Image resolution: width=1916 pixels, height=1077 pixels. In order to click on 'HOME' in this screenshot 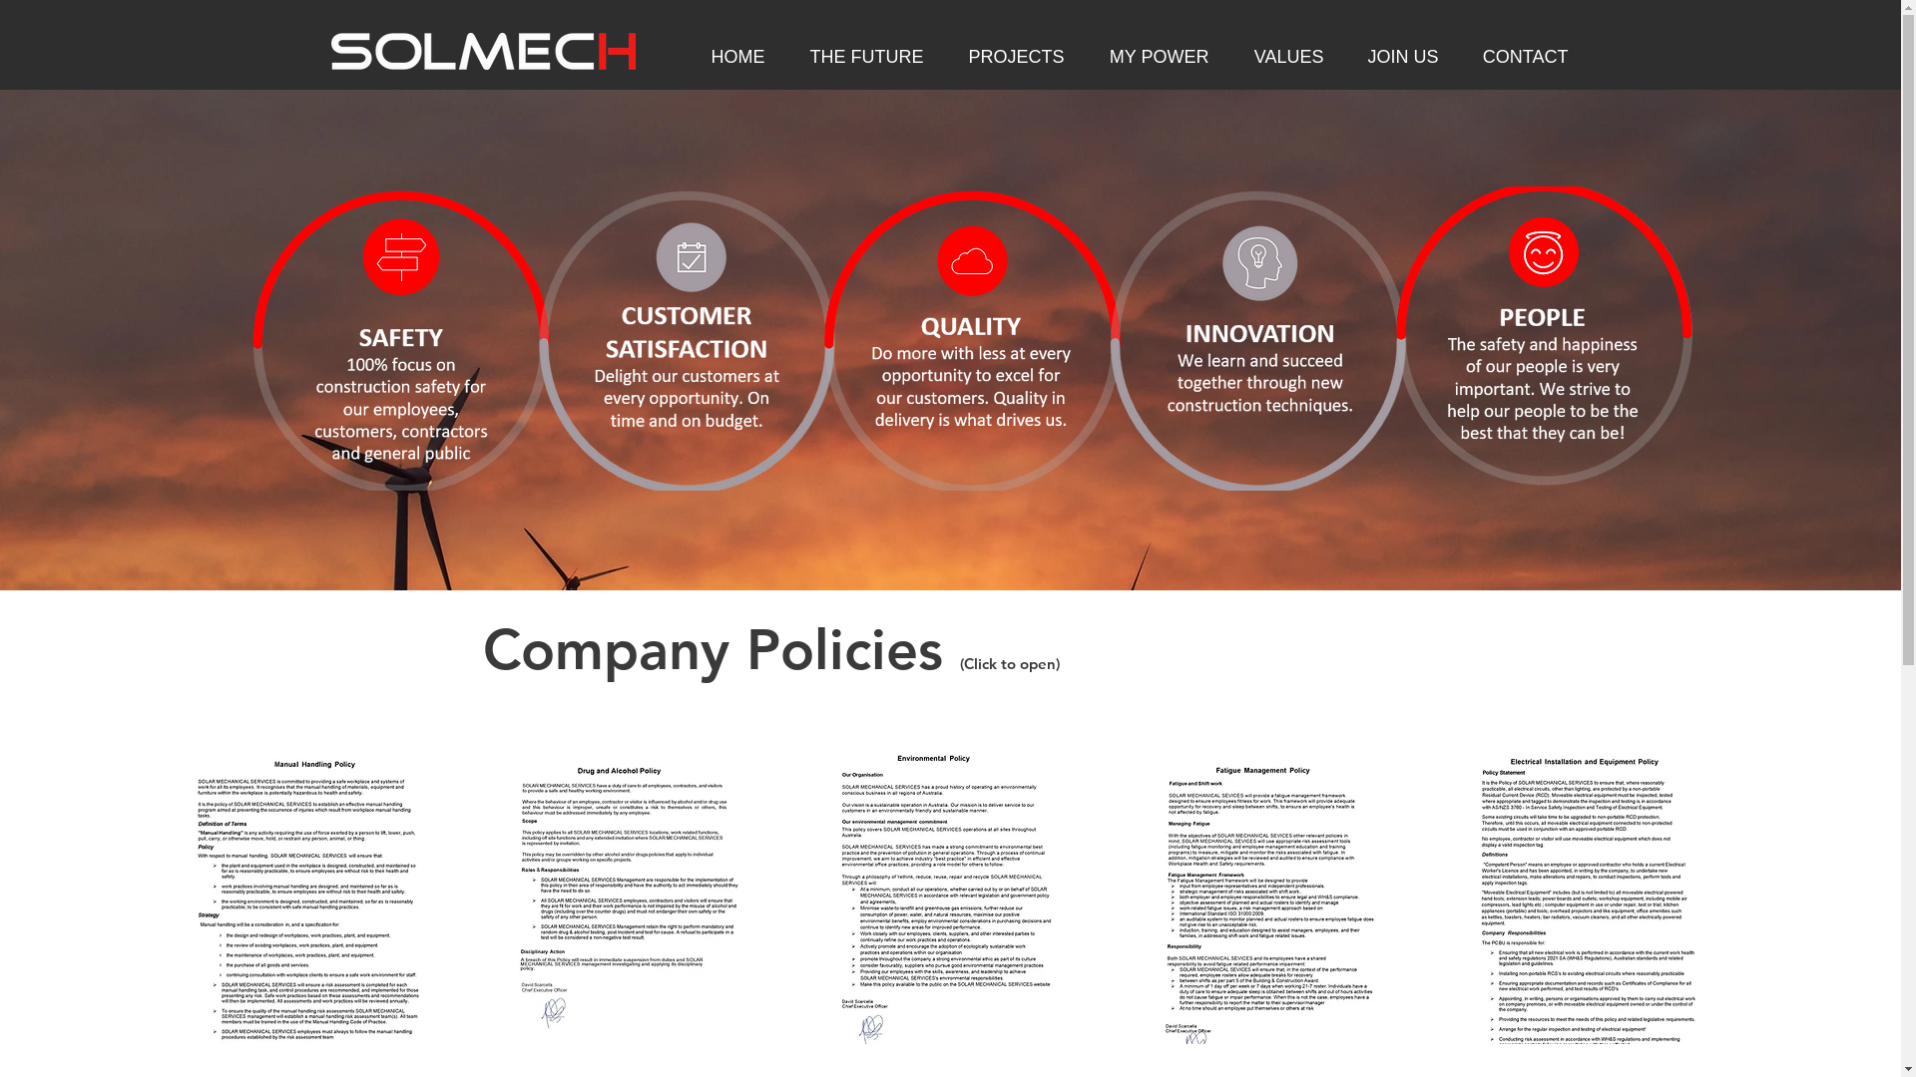, I will do `click(680, 56)`.